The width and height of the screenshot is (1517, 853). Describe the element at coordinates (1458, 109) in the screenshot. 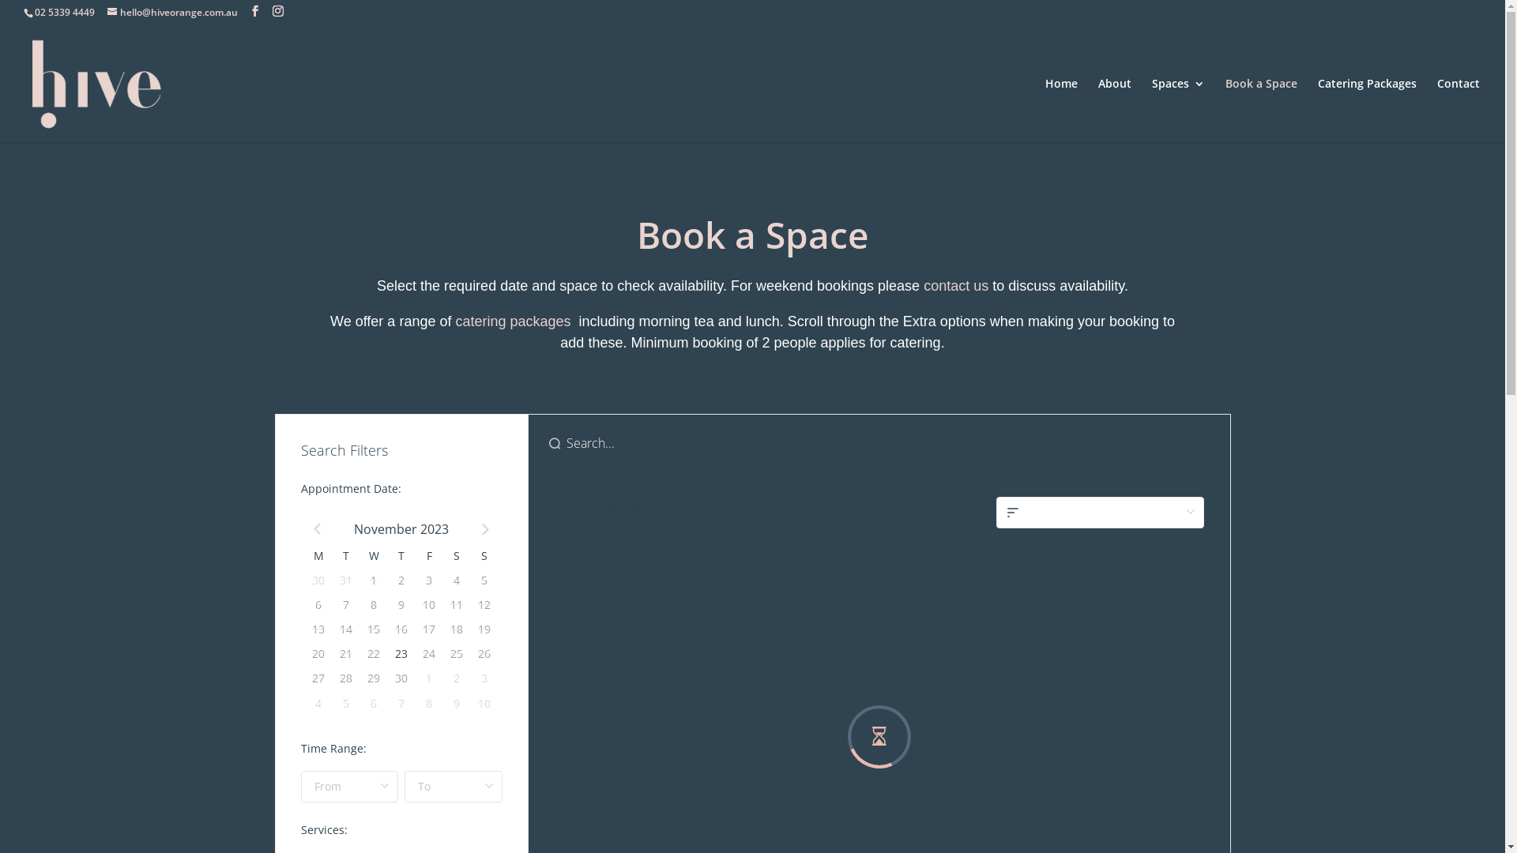

I see `'Contact'` at that location.